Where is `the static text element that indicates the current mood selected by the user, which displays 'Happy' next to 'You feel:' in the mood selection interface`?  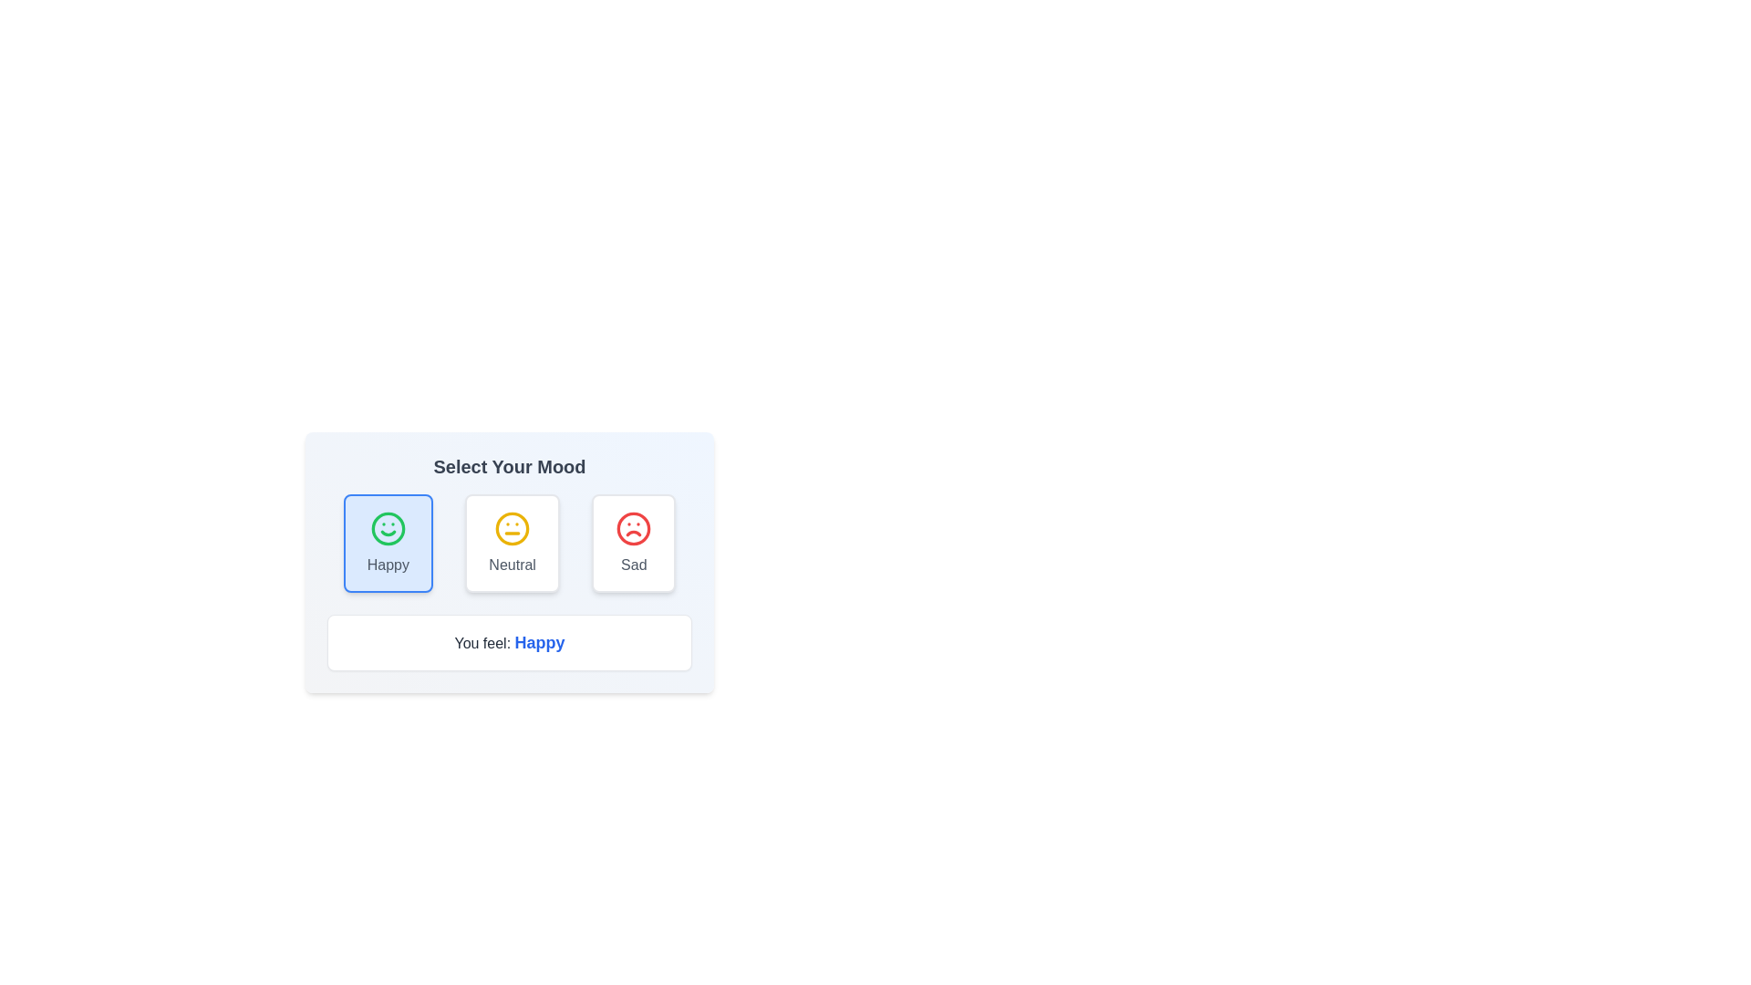 the static text element that indicates the current mood selected by the user, which displays 'Happy' next to 'You feel:' in the mood selection interface is located at coordinates (539, 642).